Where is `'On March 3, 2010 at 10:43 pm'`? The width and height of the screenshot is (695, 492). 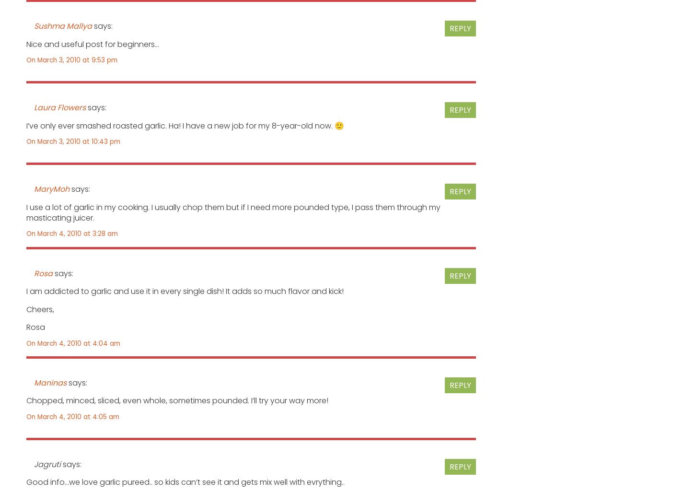
'On March 3, 2010 at 10:43 pm' is located at coordinates (72, 141).